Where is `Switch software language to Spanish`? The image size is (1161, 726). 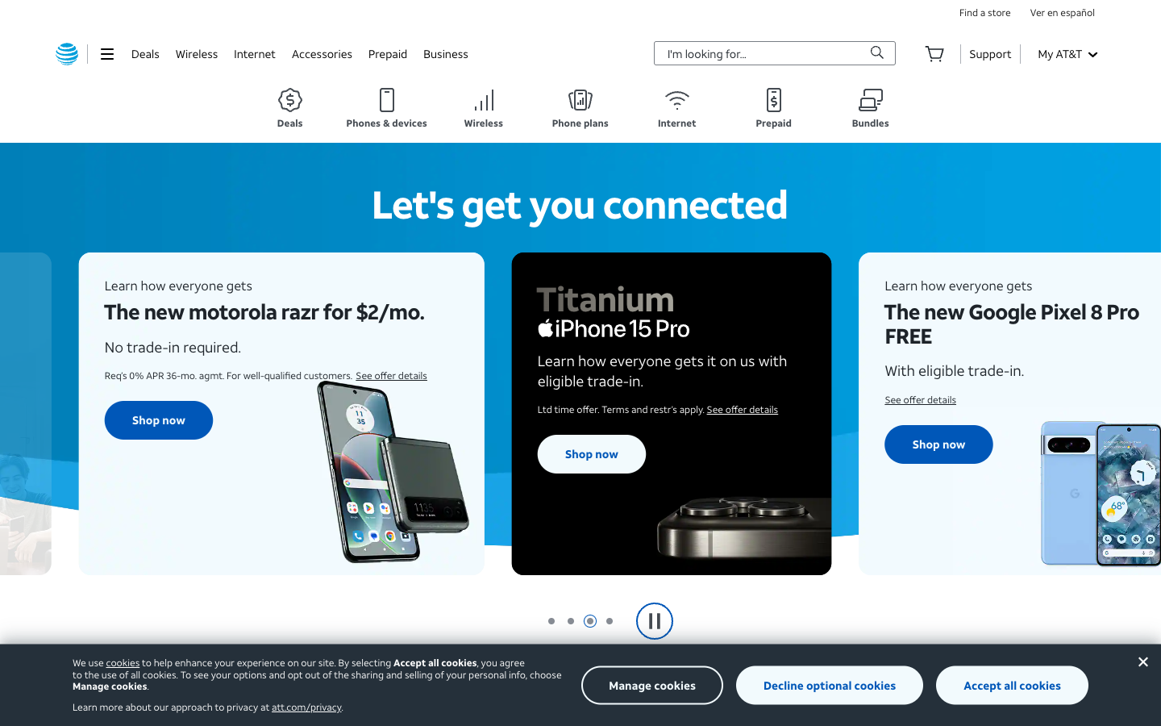 Switch software language to Spanish is located at coordinates (1063, 11).